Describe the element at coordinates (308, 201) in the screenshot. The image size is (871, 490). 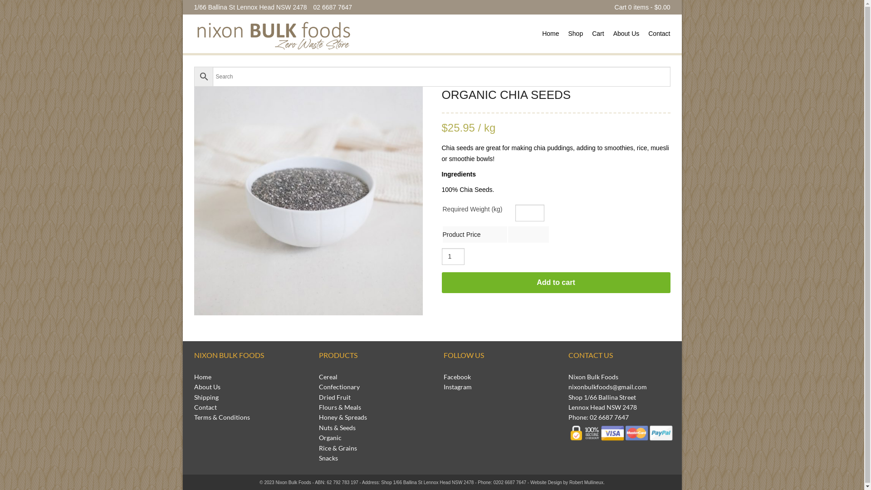
I see `'Nixon_Products_LowRes-36'` at that location.